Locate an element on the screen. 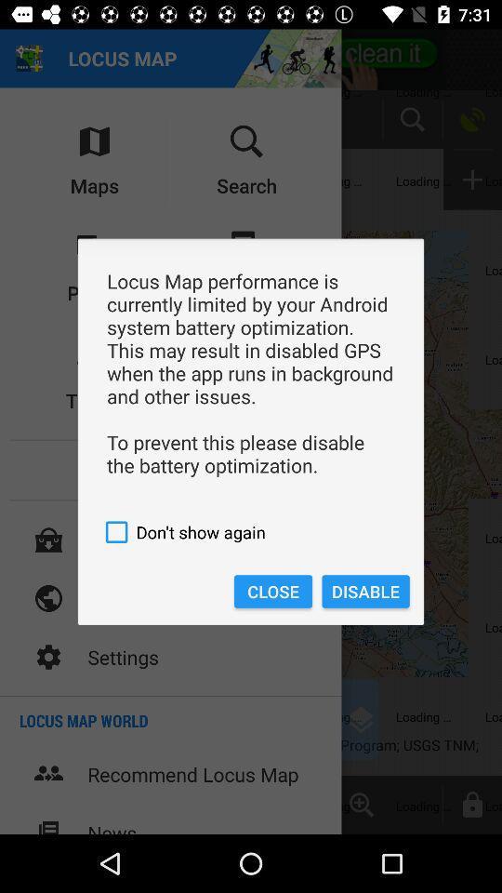 The image size is (502, 893). the icon below the don t show item is located at coordinates (271, 591).